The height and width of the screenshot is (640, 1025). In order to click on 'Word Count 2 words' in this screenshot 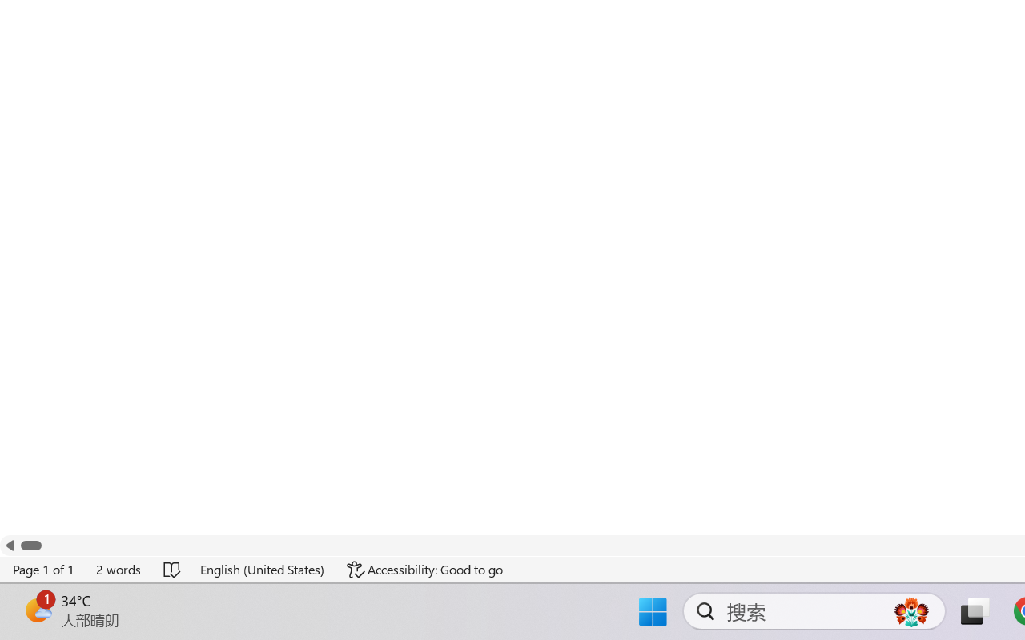, I will do `click(119, 569)`.